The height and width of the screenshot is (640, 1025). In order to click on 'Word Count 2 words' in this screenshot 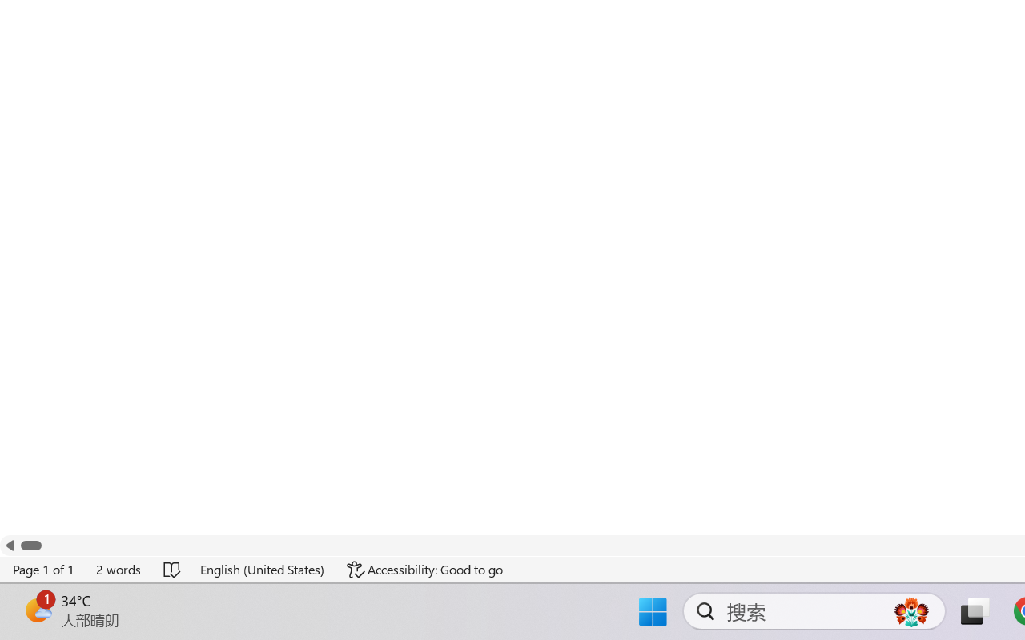, I will do `click(119, 569)`.